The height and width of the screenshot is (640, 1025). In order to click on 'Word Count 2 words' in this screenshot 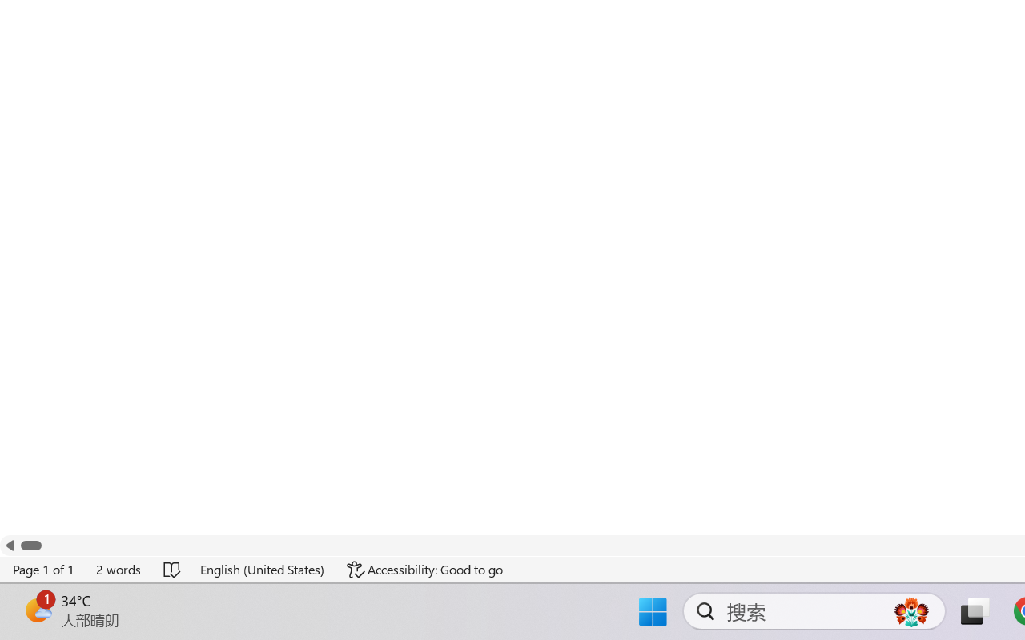, I will do `click(119, 569)`.